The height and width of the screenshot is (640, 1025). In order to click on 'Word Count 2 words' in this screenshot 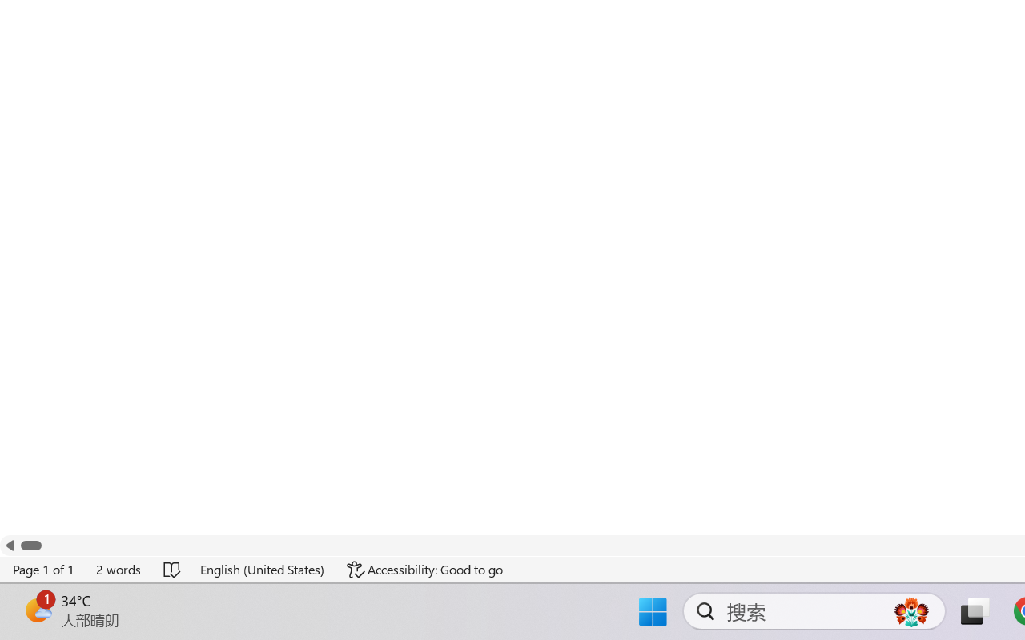, I will do `click(119, 569)`.